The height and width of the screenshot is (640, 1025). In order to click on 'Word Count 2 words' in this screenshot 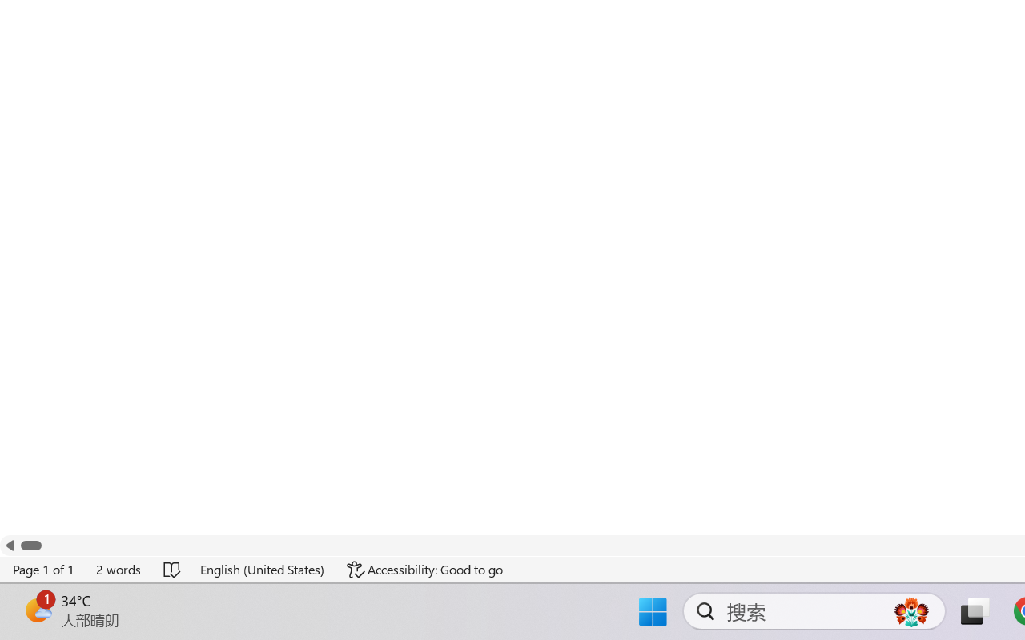, I will do `click(119, 569)`.